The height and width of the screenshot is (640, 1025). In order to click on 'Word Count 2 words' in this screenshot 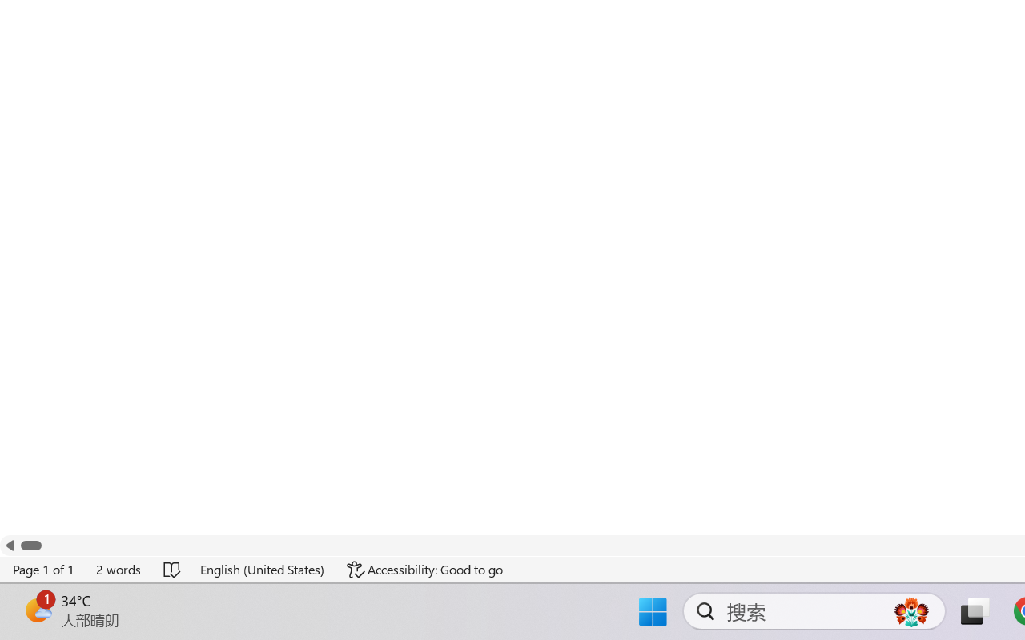, I will do `click(119, 569)`.